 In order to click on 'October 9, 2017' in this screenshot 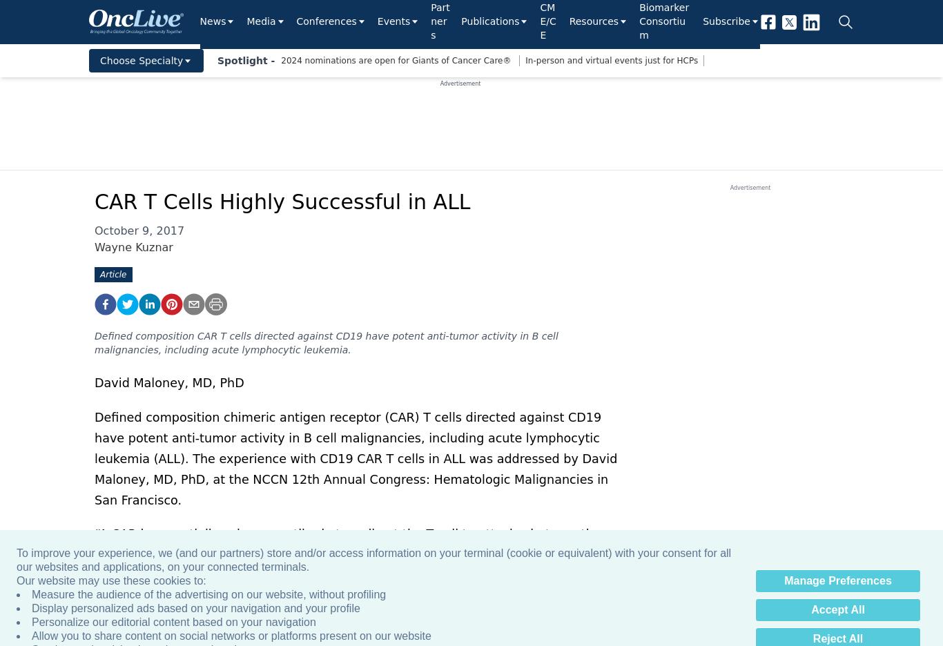, I will do `click(139, 230)`.